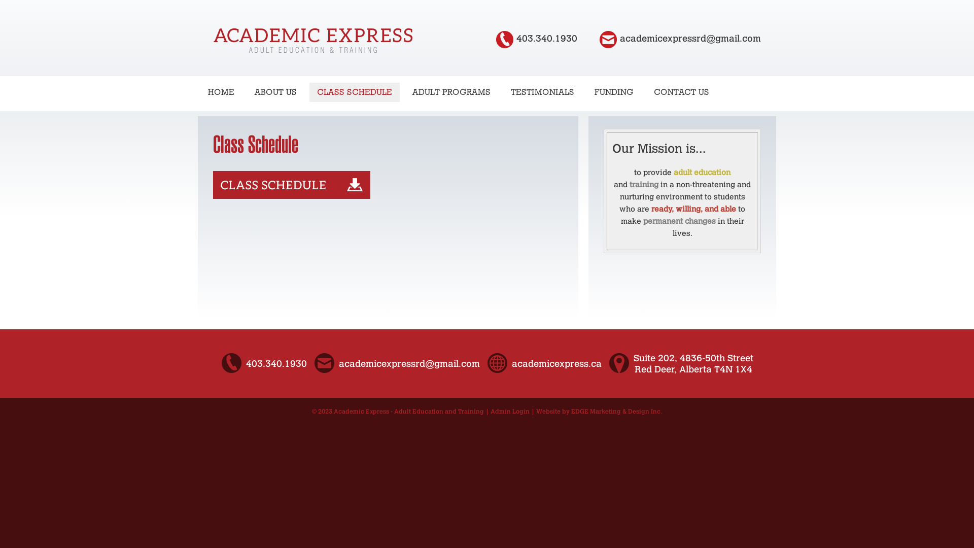 The width and height of the screenshot is (974, 548). I want to click on 'CONTACT US', so click(645, 92).